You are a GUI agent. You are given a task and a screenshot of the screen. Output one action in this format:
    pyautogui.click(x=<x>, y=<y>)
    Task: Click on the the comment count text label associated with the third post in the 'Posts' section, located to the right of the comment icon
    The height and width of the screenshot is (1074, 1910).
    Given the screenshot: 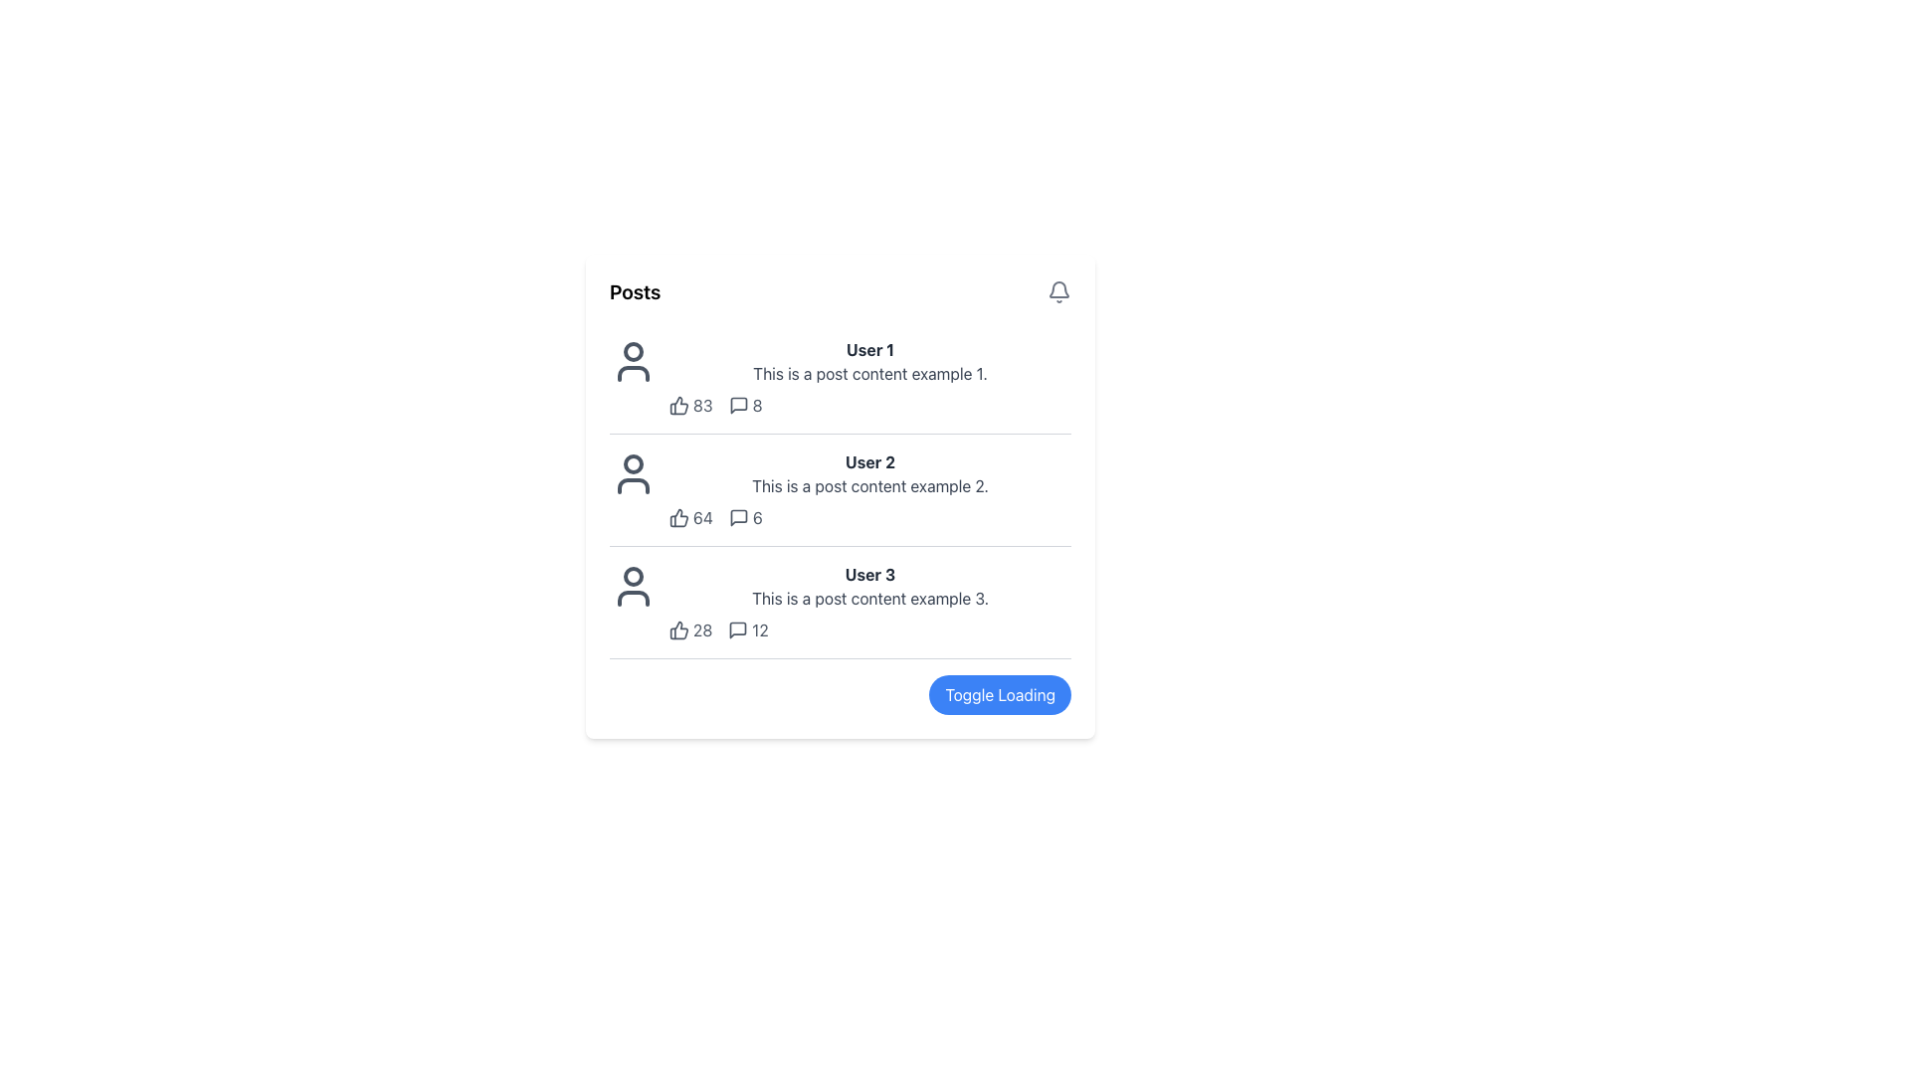 What is the action you would take?
    pyautogui.click(x=759, y=629)
    